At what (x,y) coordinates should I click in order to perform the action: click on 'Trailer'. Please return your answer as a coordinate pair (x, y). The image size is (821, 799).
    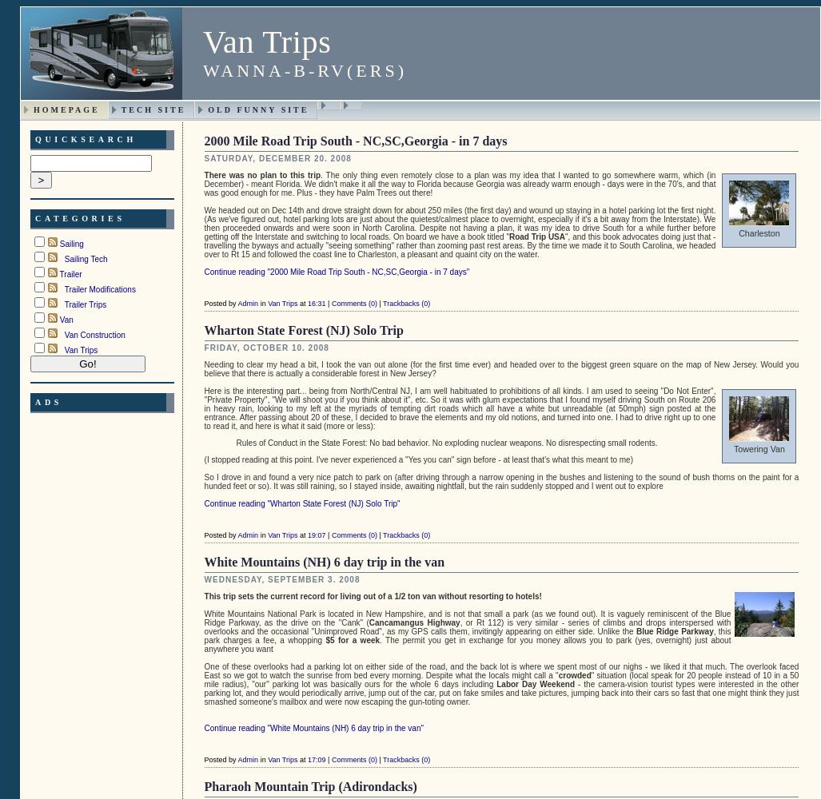
    Looking at the image, I should click on (58, 272).